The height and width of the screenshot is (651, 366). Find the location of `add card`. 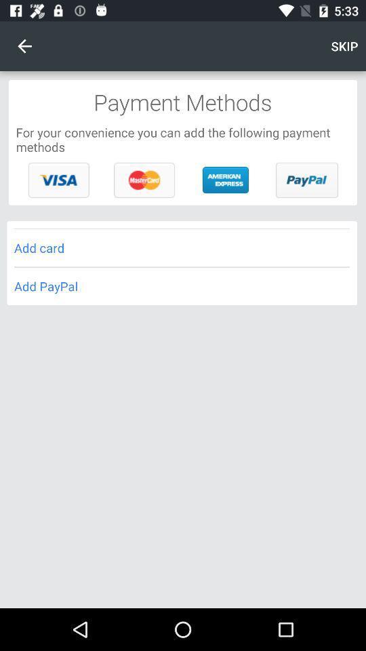

add card is located at coordinates (182, 247).